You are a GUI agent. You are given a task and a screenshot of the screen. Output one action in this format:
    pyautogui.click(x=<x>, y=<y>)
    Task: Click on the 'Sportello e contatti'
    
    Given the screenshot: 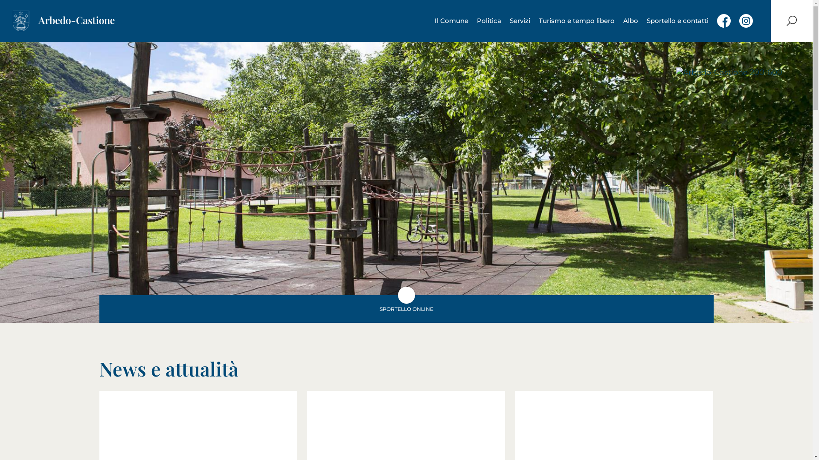 What is the action you would take?
    pyautogui.click(x=677, y=20)
    